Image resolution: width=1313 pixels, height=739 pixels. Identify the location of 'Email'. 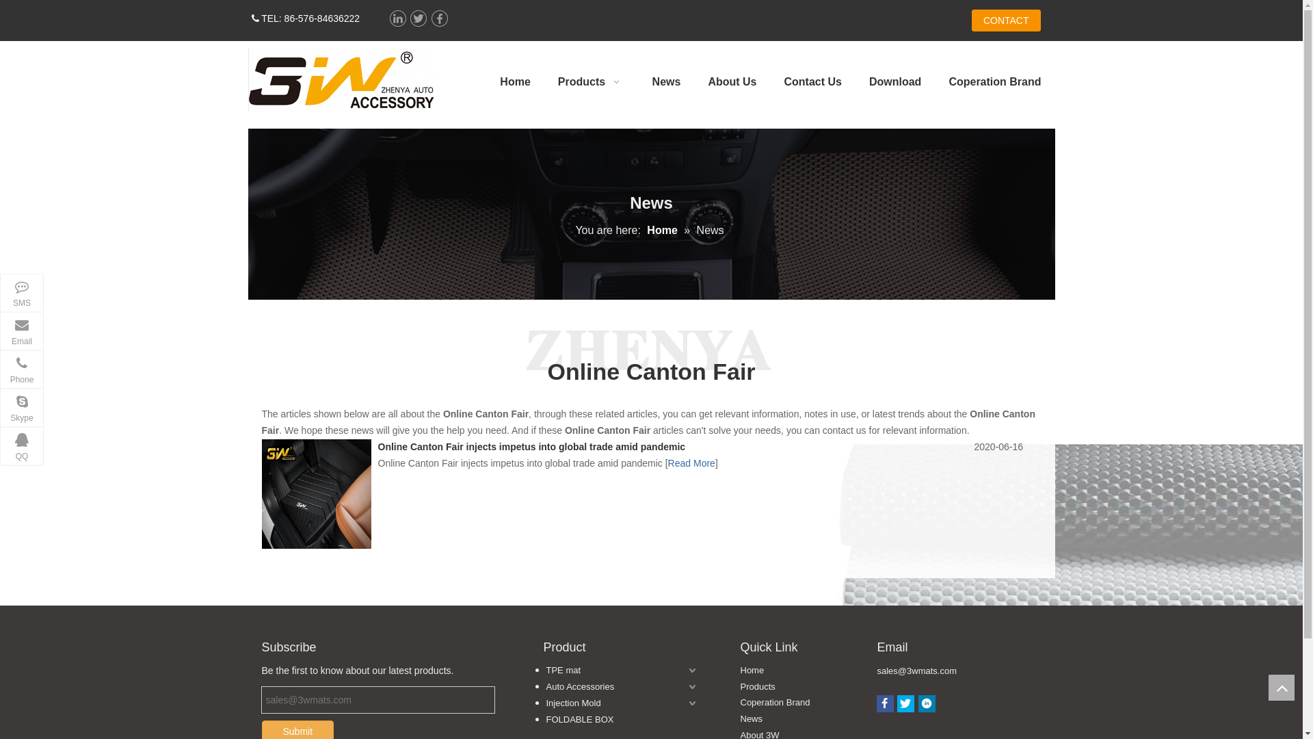
(22, 330).